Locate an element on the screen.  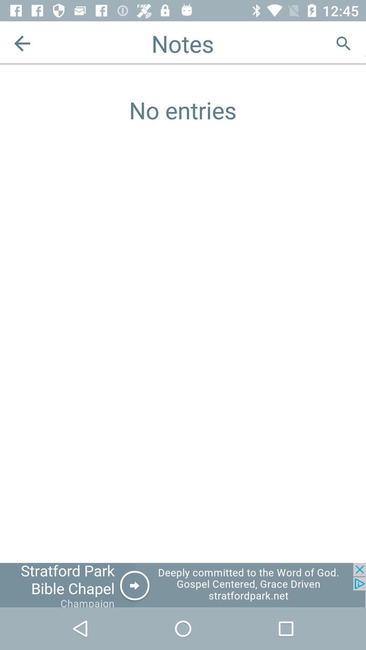
the arrow_backward icon is located at coordinates (22, 43).